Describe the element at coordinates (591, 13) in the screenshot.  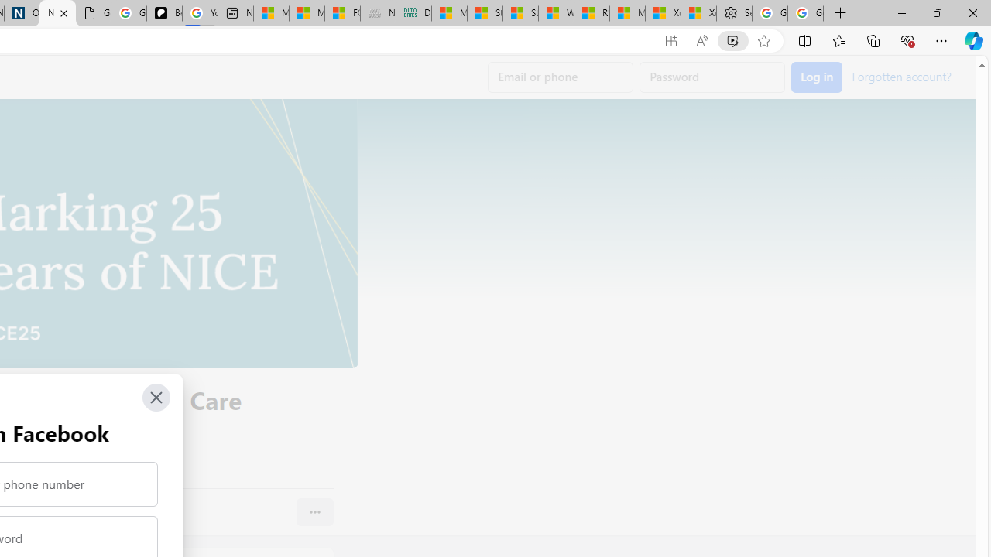
I see `'R******* | Trusted Community Engagement and Contributions'` at that location.